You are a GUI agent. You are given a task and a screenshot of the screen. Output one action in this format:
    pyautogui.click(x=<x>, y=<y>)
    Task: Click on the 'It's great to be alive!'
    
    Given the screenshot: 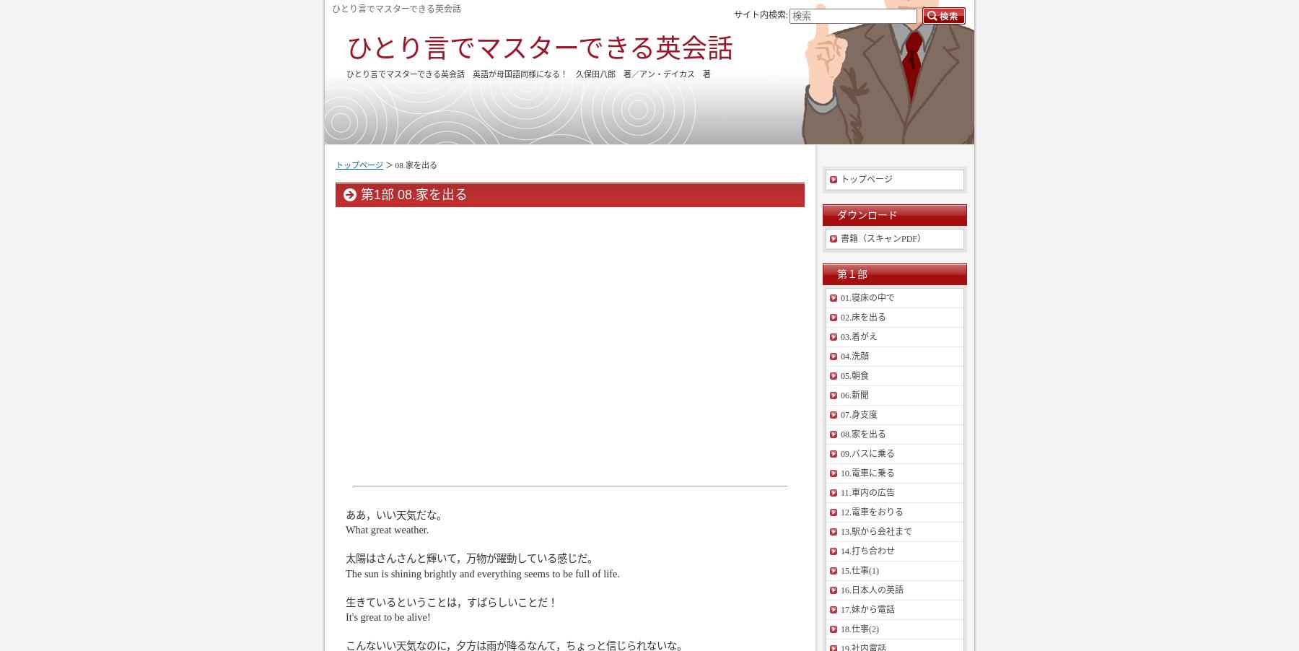 What is the action you would take?
    pyautogui.click(x=344, y=616)
    